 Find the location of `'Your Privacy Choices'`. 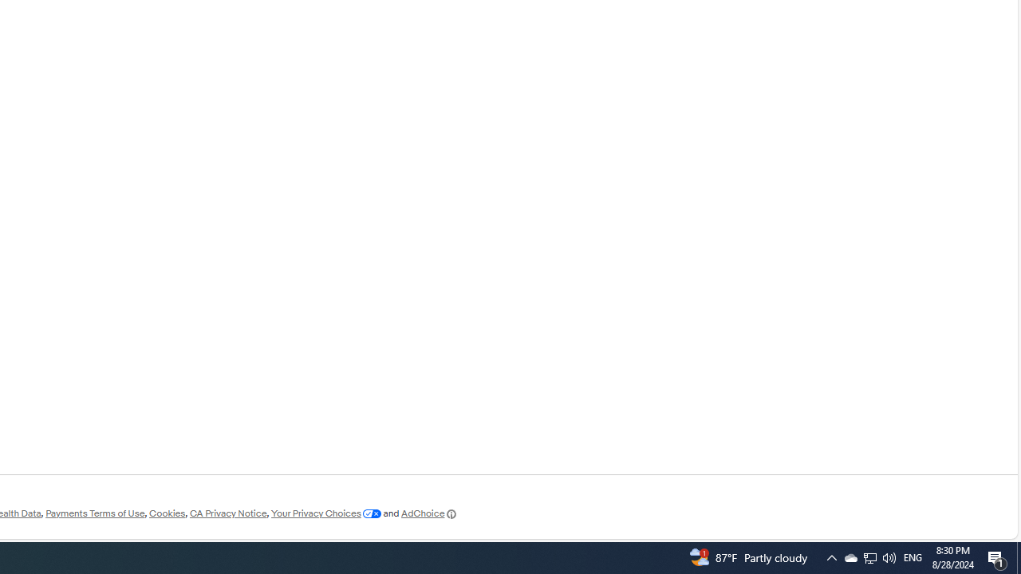

'Your Privacy Choices' is located at coordinates (325, 513).